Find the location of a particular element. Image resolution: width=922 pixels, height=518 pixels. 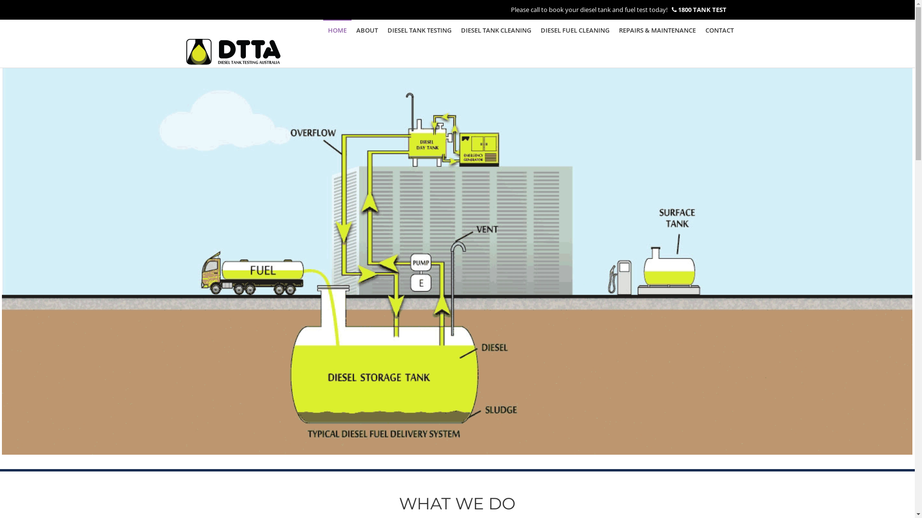

'Diesel Tank Testing Australia' is located at coordinates (177, 44).